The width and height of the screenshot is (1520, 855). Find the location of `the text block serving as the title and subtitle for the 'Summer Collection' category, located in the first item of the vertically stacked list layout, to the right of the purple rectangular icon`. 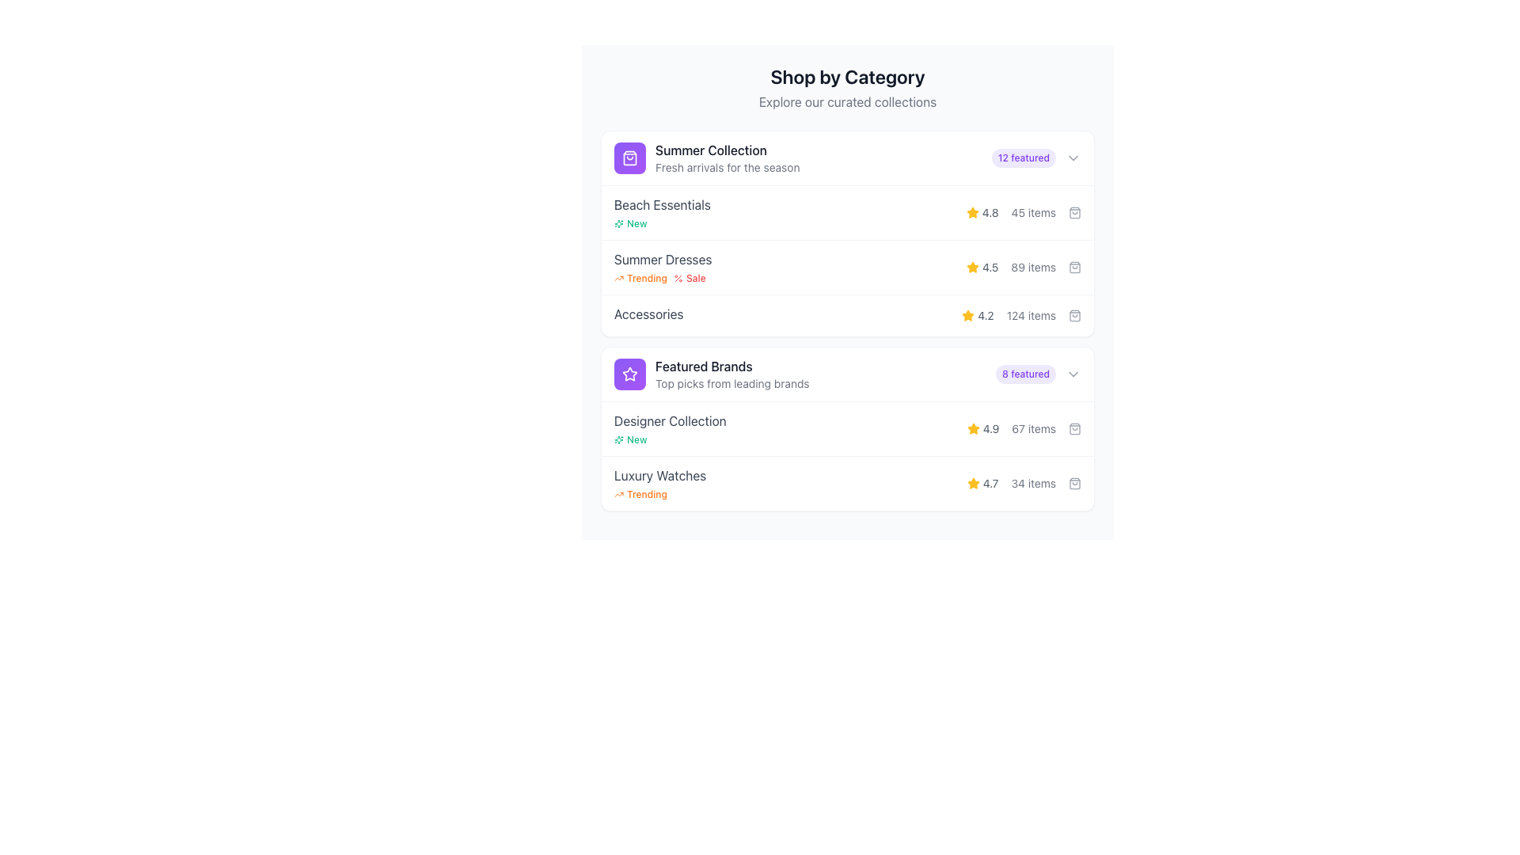

the text block serving as the title and subtitle for the 'Summer Collection' category, located in the first item of the vertically stacked list layout, to the right of the purple rectangular icon is located at coordinates (727, 158).